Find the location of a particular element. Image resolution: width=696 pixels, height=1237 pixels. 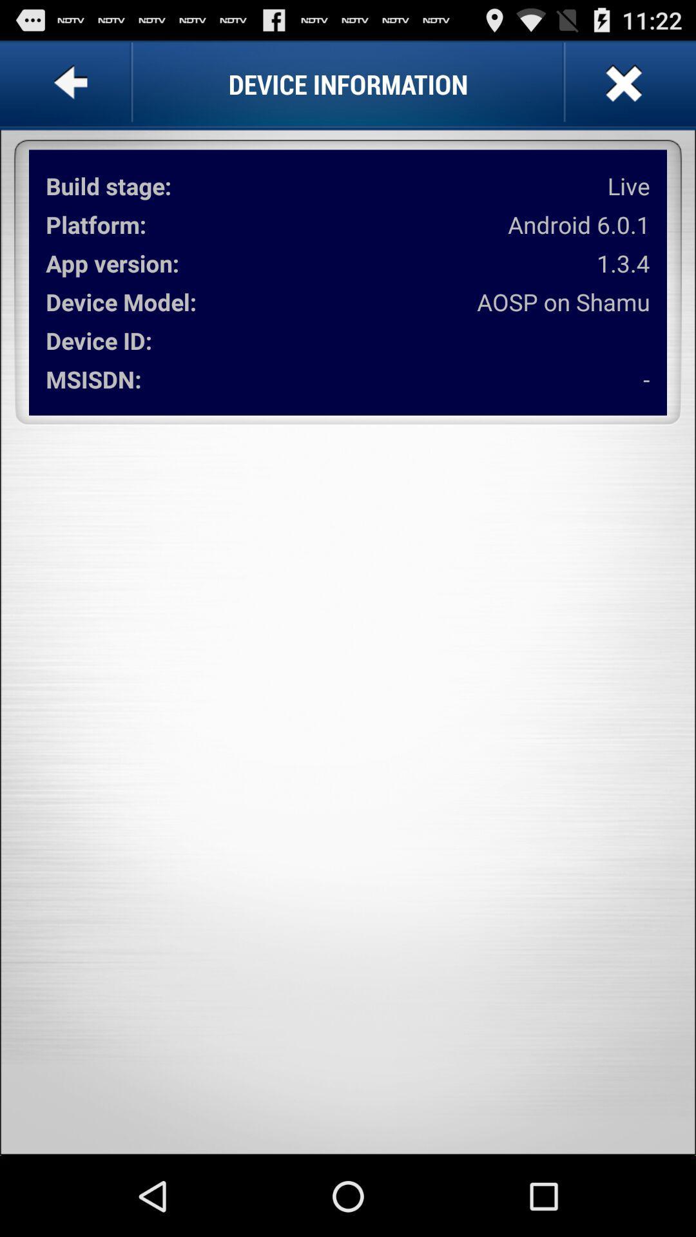

the app next to device information app is located at coordinates (621, 83).